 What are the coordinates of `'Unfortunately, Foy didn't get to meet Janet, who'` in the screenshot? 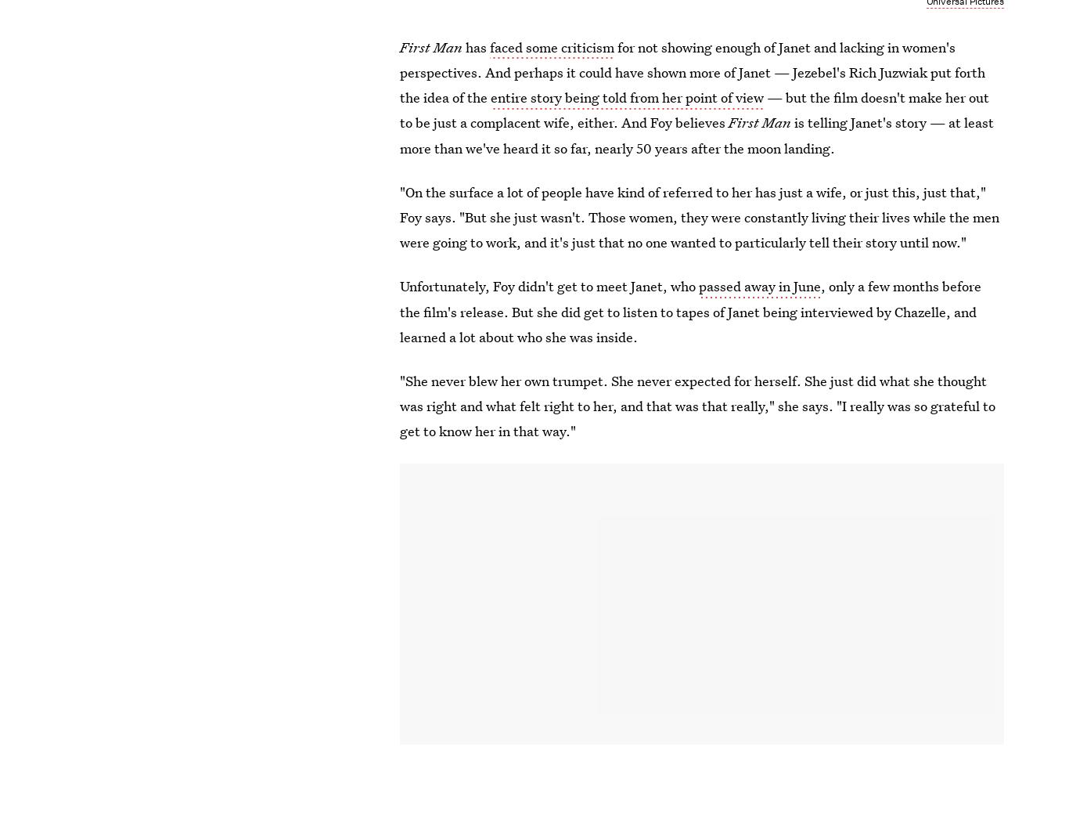 It's located at (549, 285).